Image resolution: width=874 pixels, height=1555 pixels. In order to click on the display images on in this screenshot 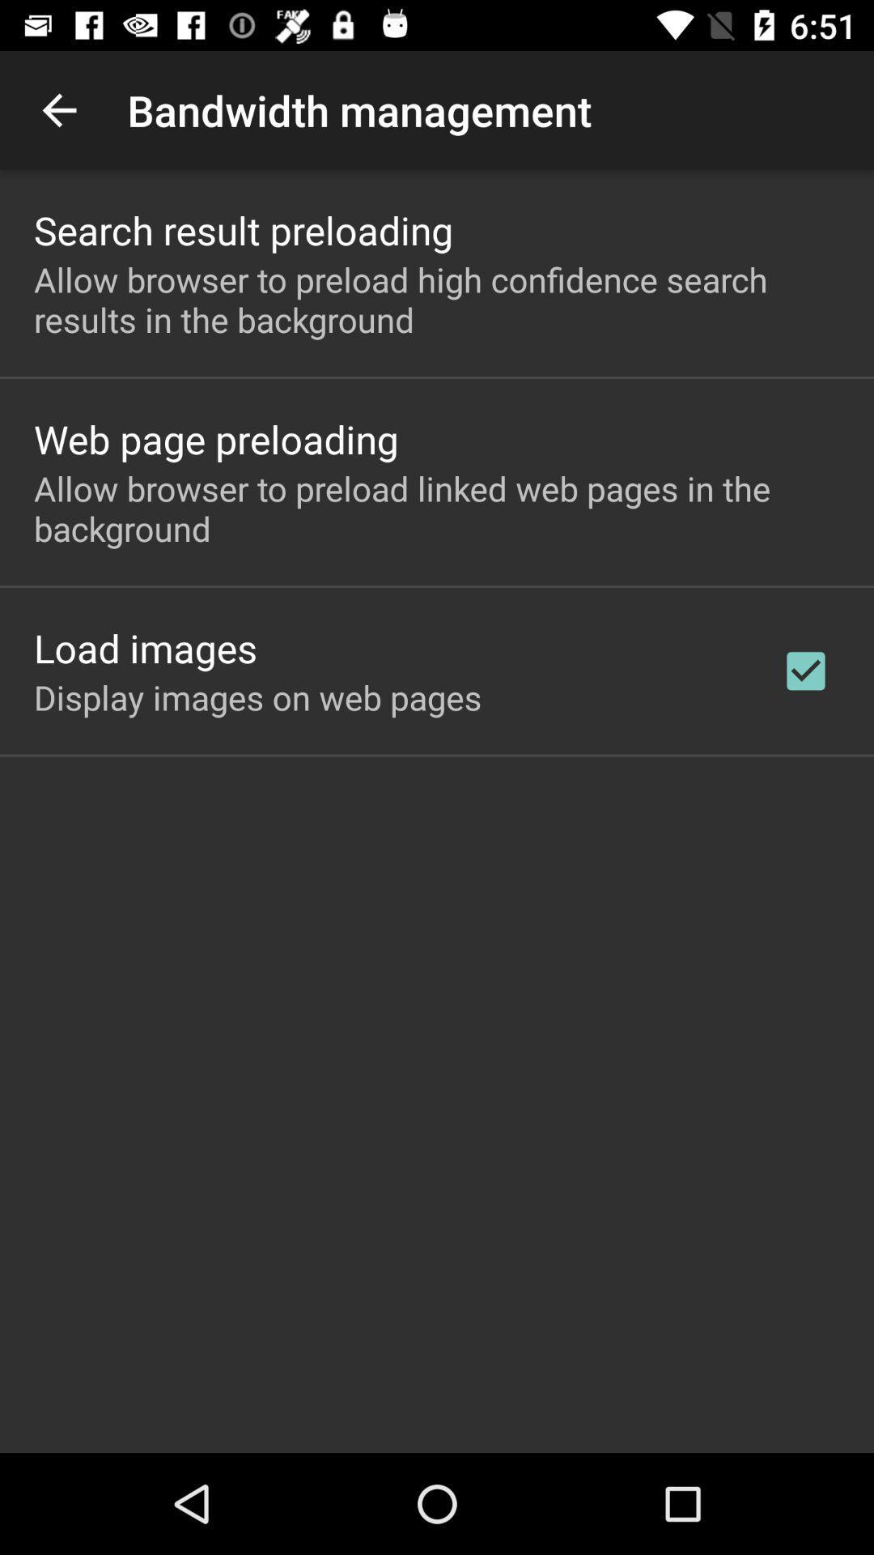, I will do `click(257, 697)`.